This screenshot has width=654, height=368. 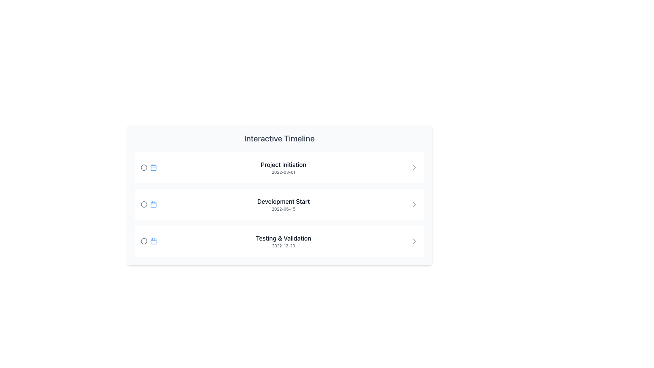 What do you see at coordinates (283, 246) in the screenshot?
I see `the static text displaying the date for the 'Testing & Validation' milestone in the interactive timeline` at bounding box center [283, 246].